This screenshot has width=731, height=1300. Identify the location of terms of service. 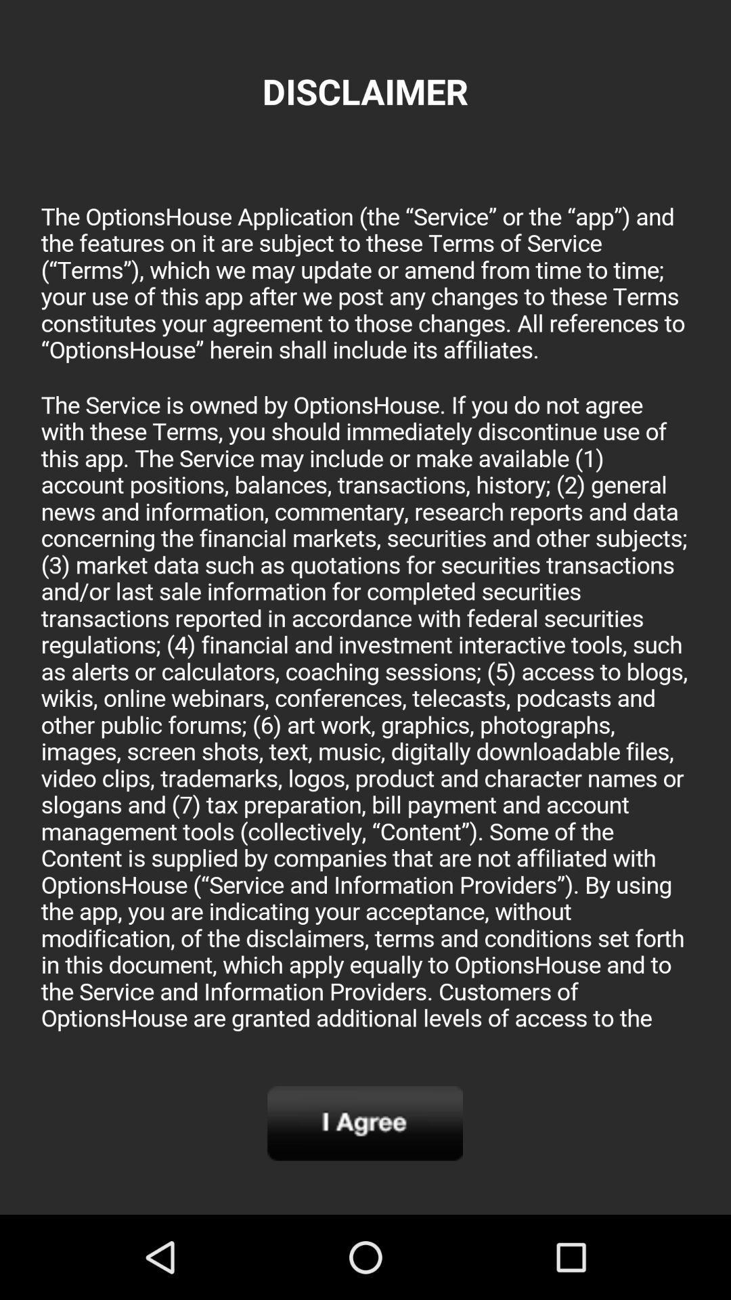
(365, 611).